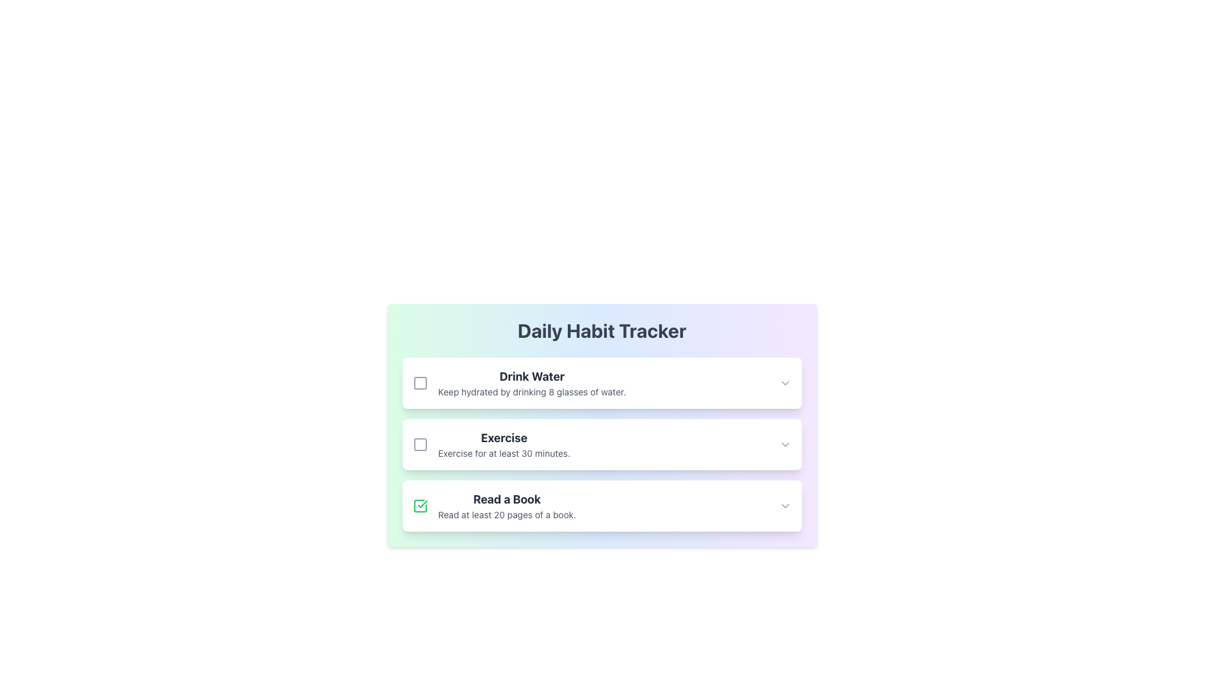 This screenshot has height=691, width=1229. Describe the element at coordinates (490, 443) in the screenshot. I see `the List Item with a Checkbox that contains the text 'Exercise' in bold and the checkbox icon to the left` at that location.